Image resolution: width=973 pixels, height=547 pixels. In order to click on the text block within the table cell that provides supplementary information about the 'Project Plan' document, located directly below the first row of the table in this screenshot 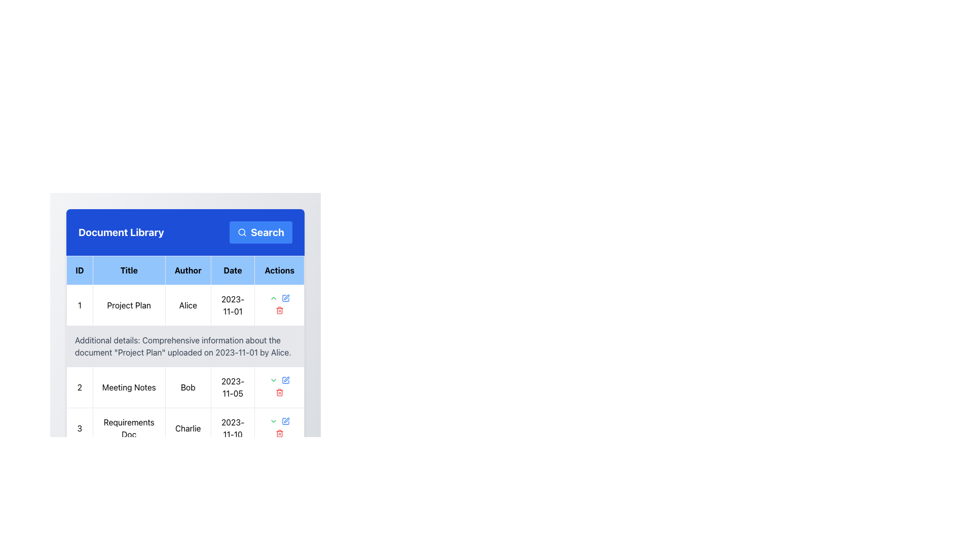, I will do `click(185, 367)`.